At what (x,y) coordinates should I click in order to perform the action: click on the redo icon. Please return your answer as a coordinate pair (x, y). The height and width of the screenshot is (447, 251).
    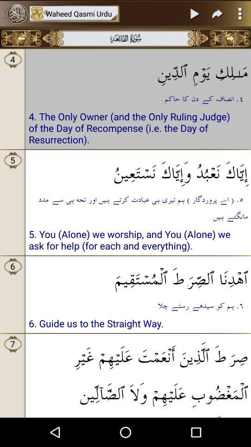
    Looking at the image, I should click on (218, 14).